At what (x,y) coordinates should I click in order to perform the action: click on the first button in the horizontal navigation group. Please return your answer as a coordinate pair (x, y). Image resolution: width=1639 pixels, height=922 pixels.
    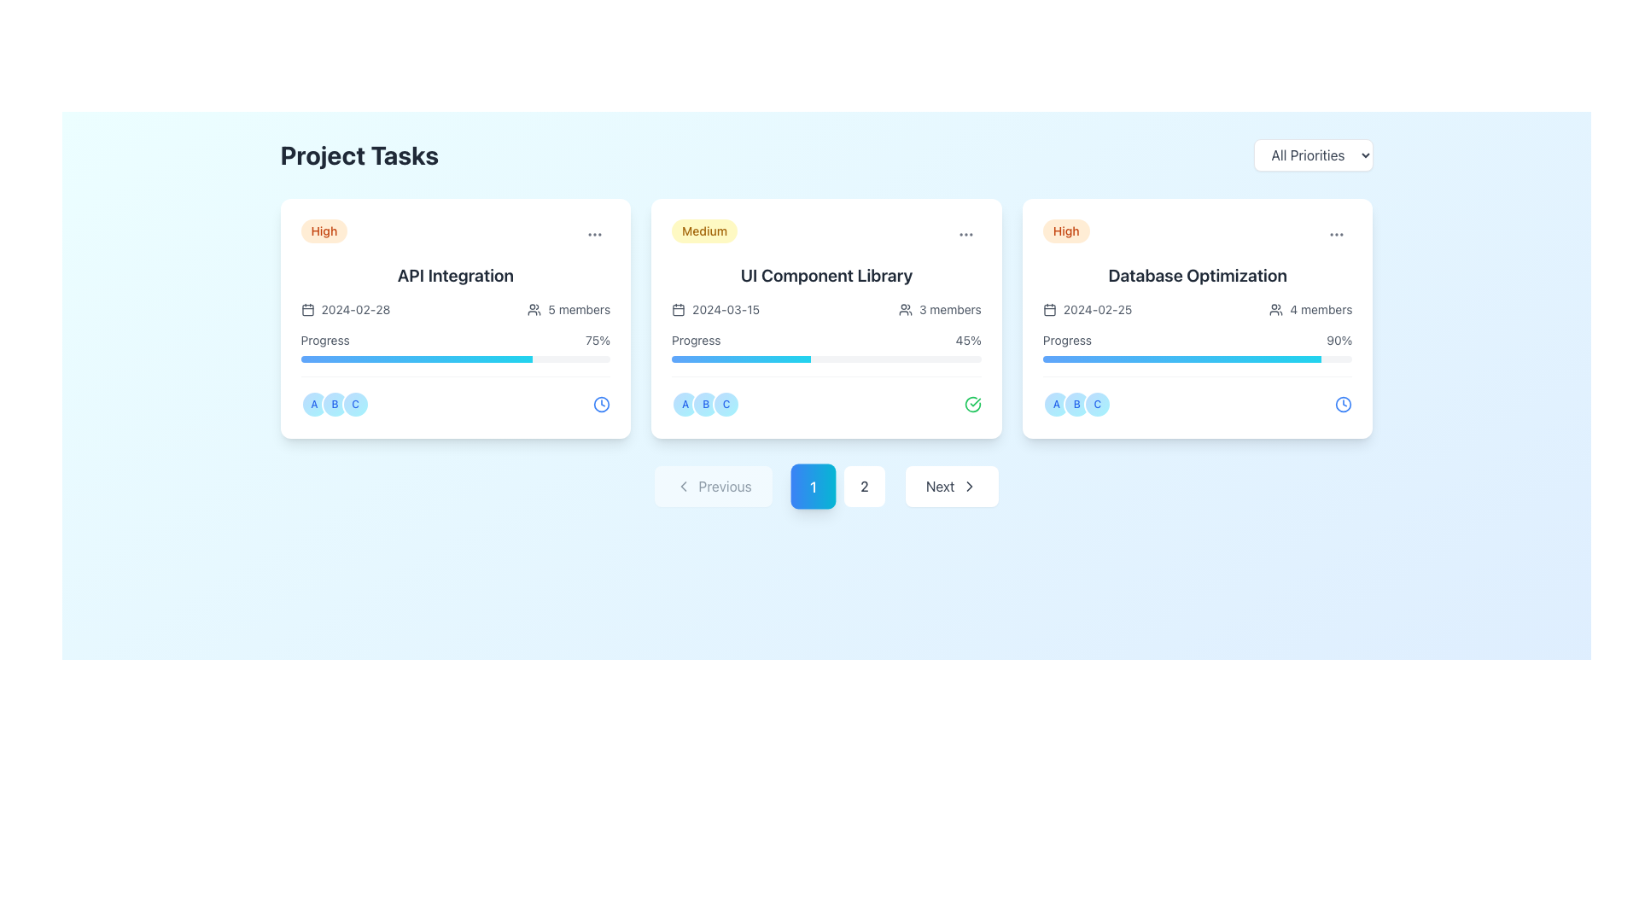
    Looking at the image, I should click on (812, 487).